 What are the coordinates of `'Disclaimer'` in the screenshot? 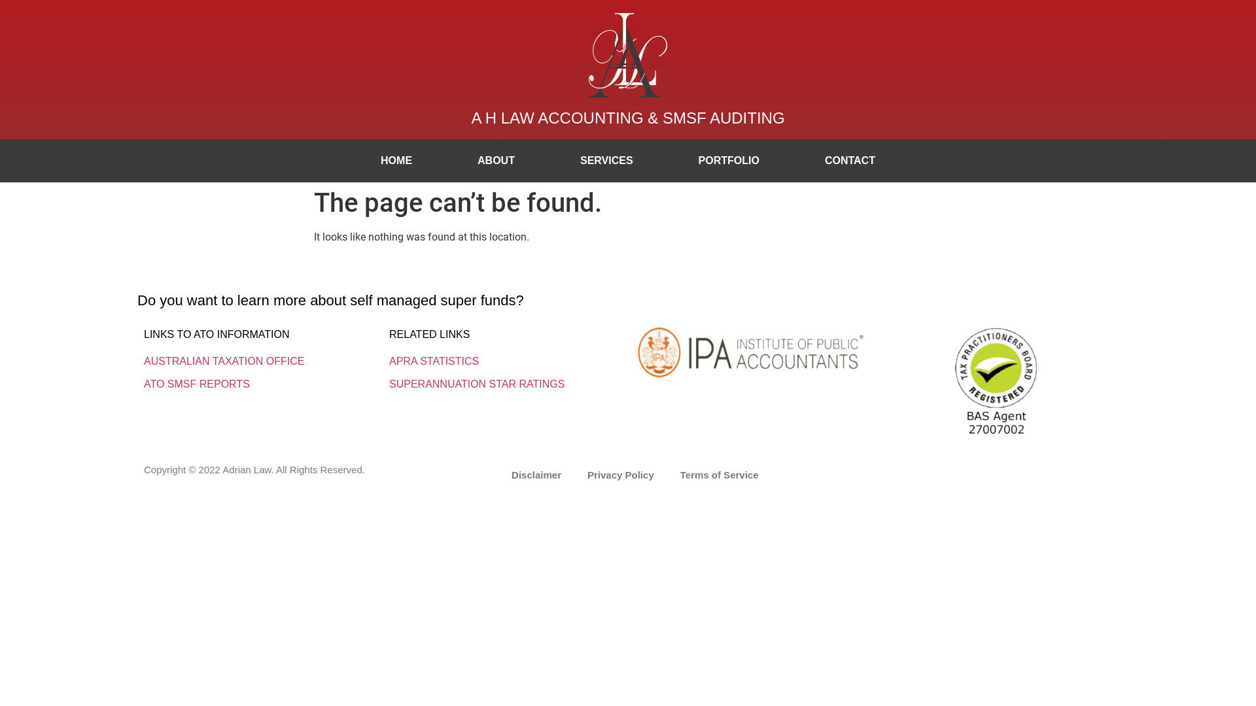 It's located at (498, 475).